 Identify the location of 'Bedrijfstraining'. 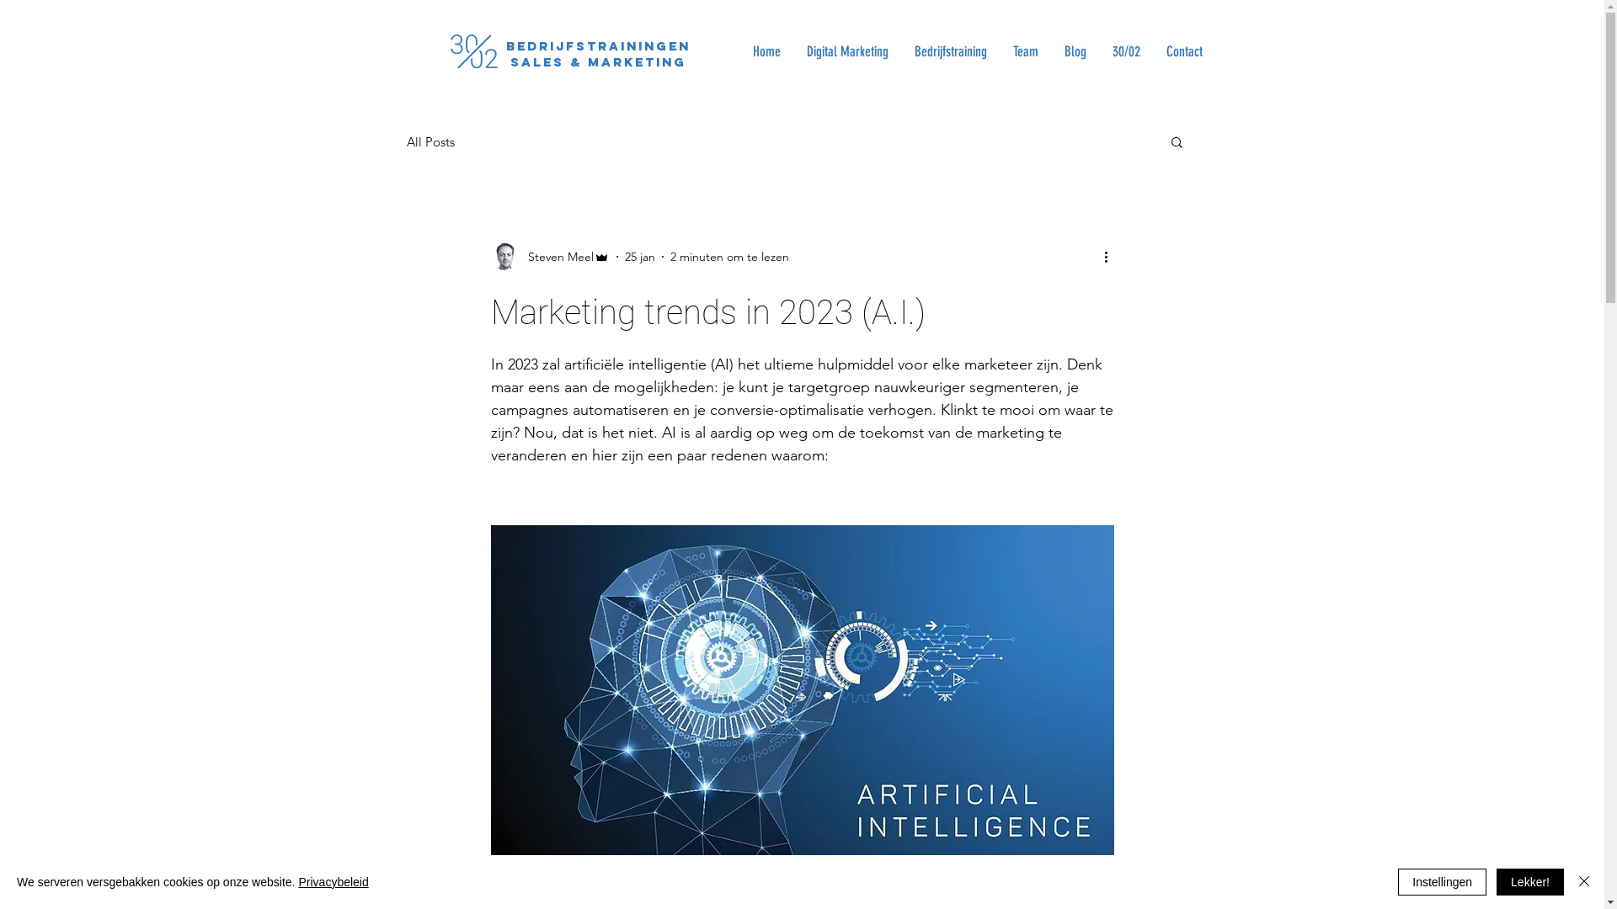
(950, 50).